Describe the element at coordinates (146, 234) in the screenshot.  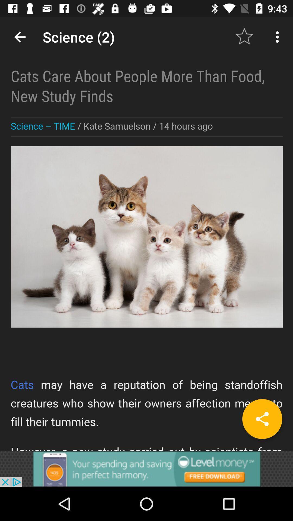
I see `sharing information` at that location.